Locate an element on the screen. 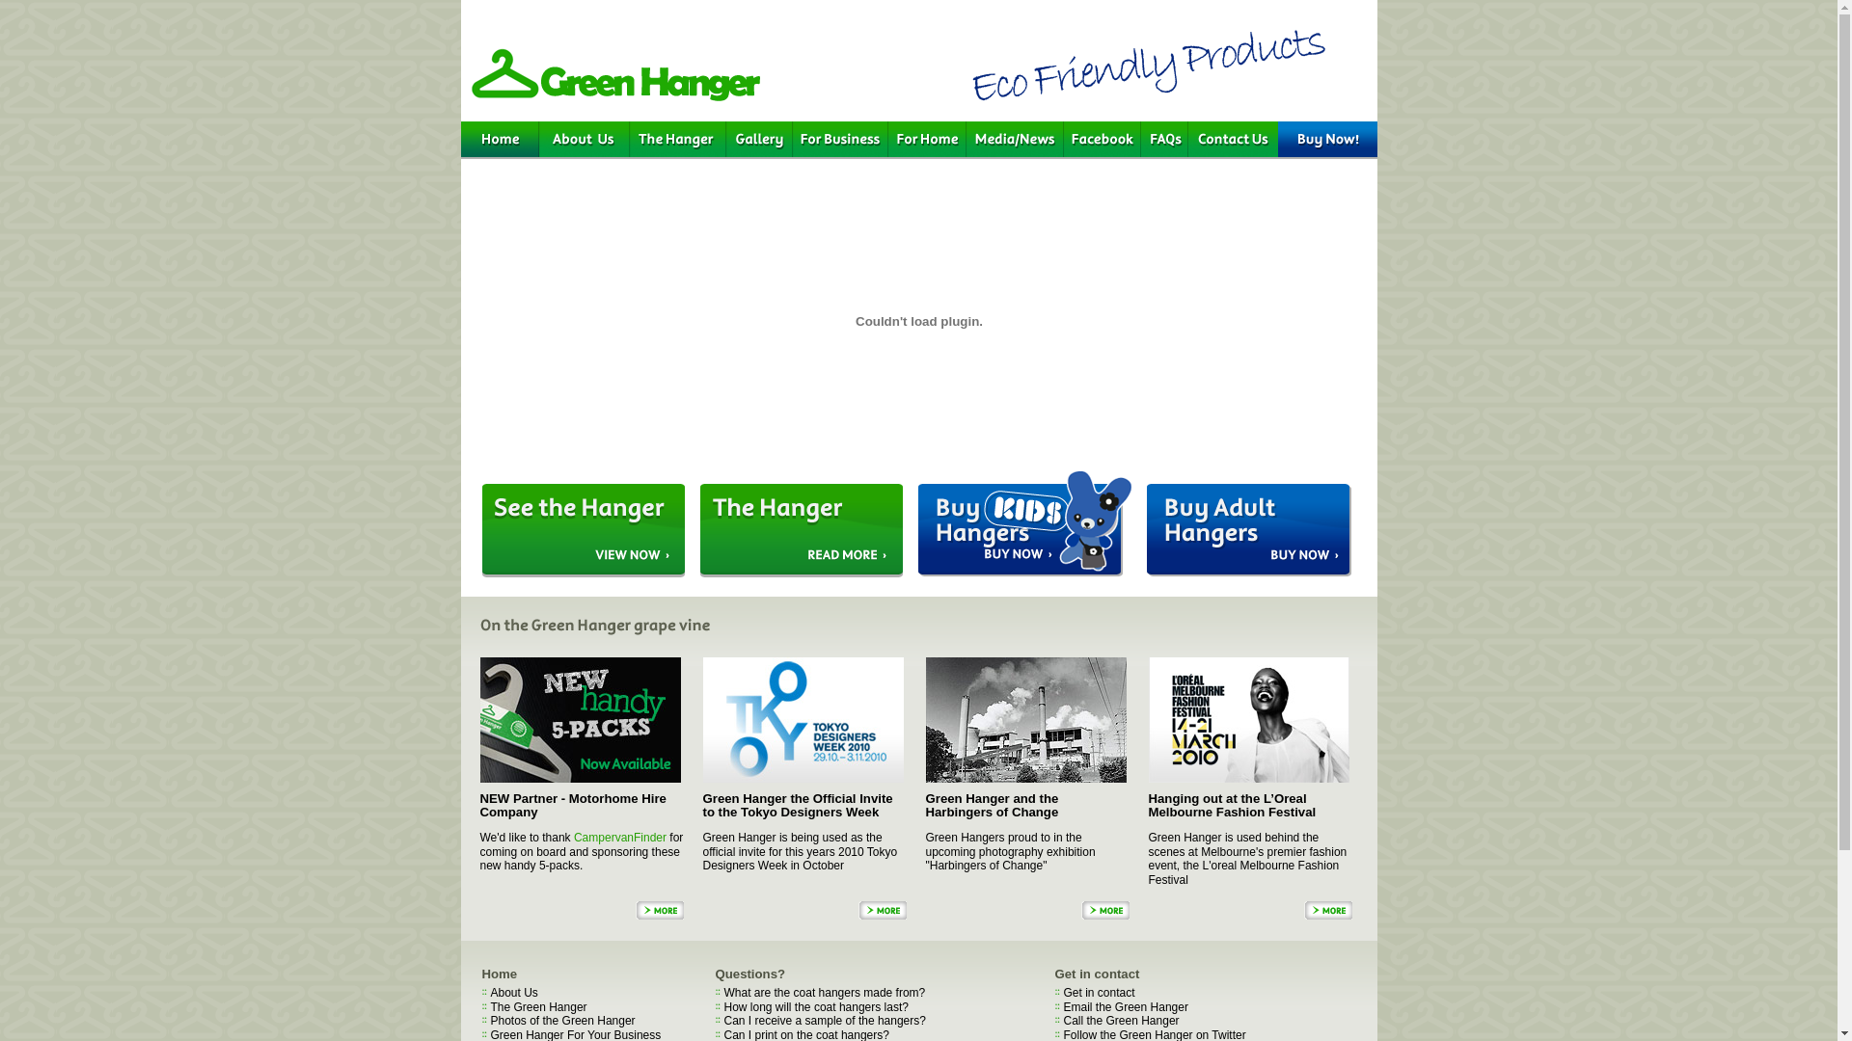 The image size is (1852, 1041). 'About Us' is located at coordinates (582, 139).